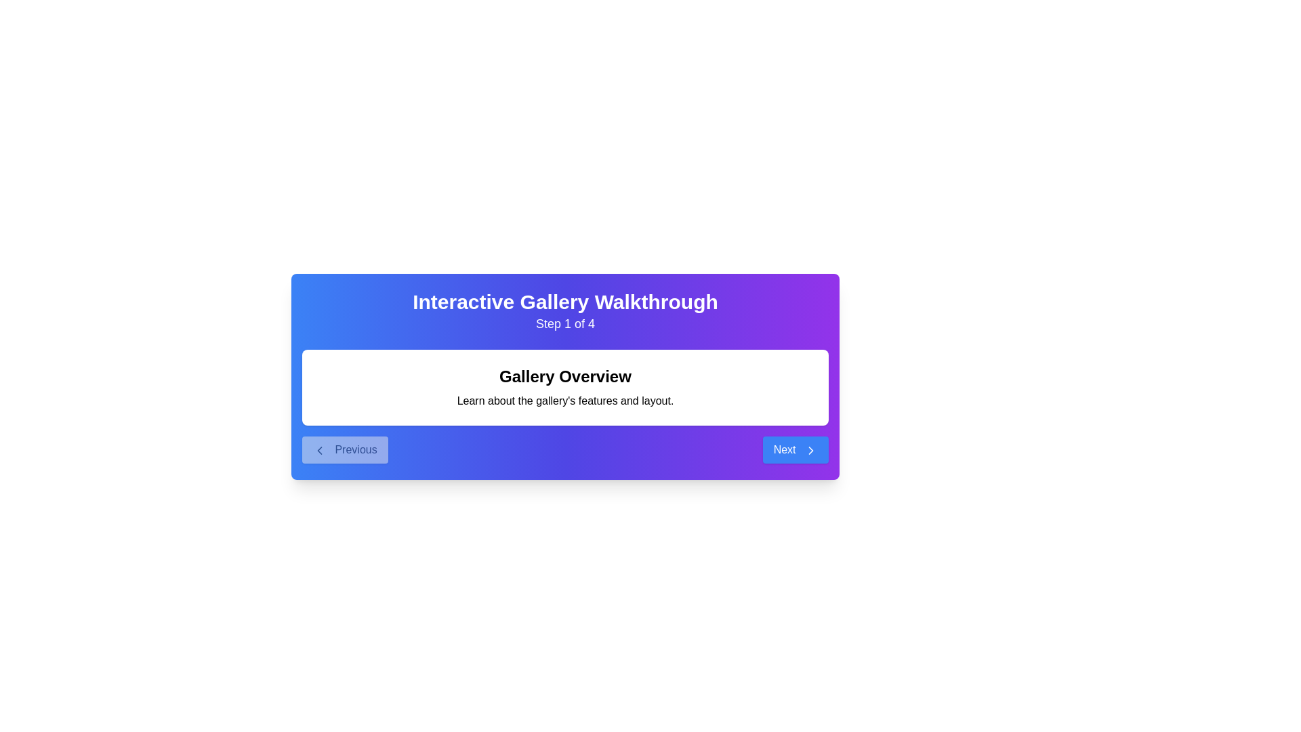 Image resolution: width=1301 pixels, height=732 pixels. Describe the element at coordinates (318, 449) in the screenshot. I see `the left-facing chevron icon located to the left of the 'Previous' text inside the 'Previous' button at the lower left of the dialog box labeled 'Interactive Gallery Walkthrough'` at that location.